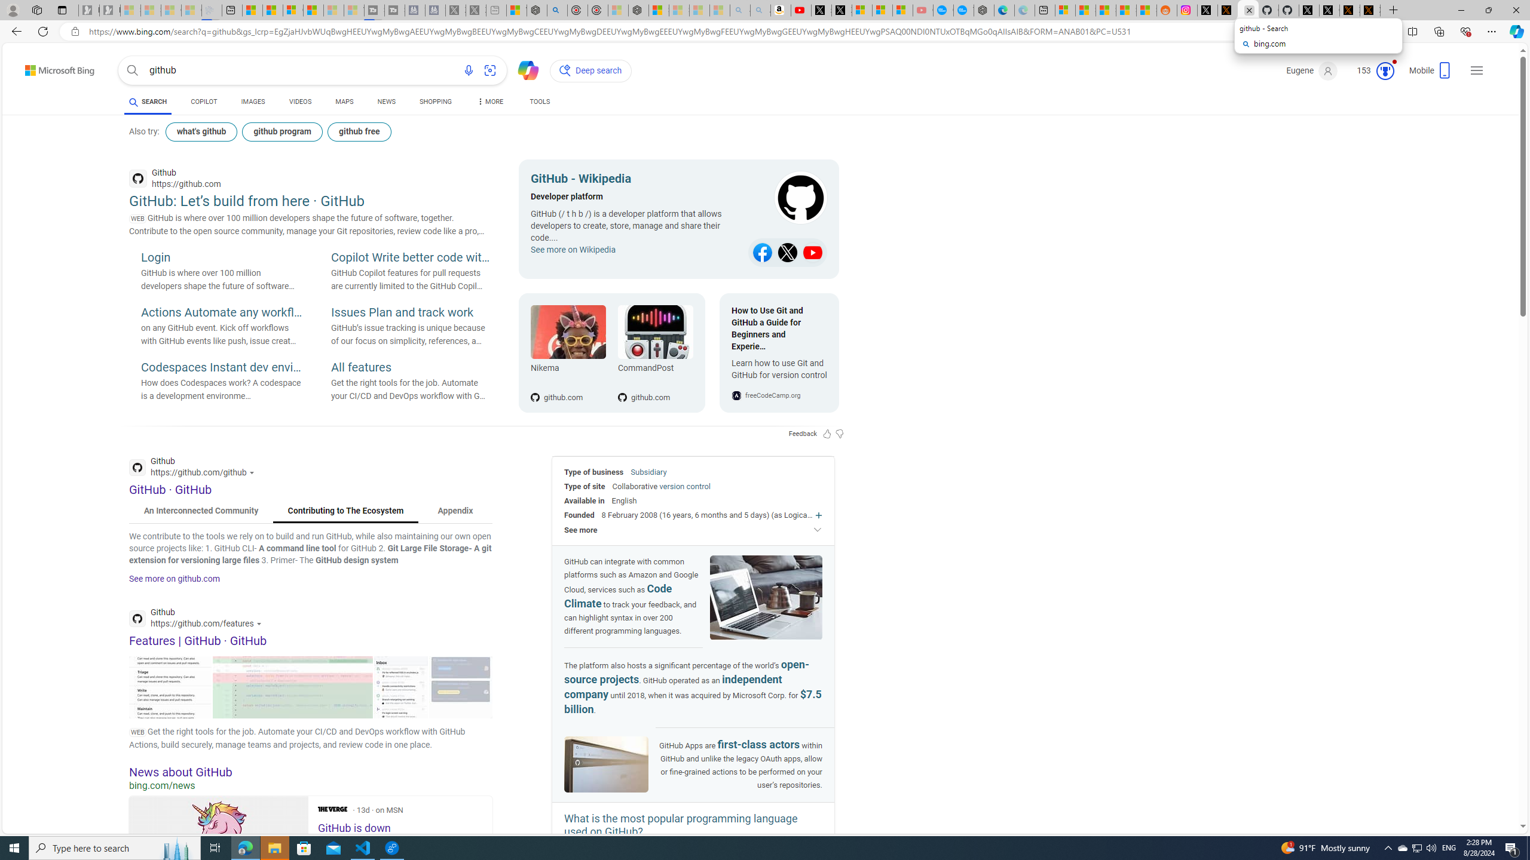 Image resolution: width=1530 pixels, height=860 pixels. What do you see at coordinates (344, 103) in the screenshot?
I see `'MAPS'` at bounding box center [344, 103].